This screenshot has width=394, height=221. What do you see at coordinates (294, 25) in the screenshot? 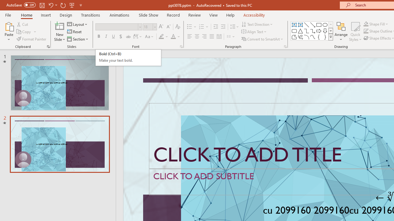
I see `'Text Box'` at bounding box center [294, 25].